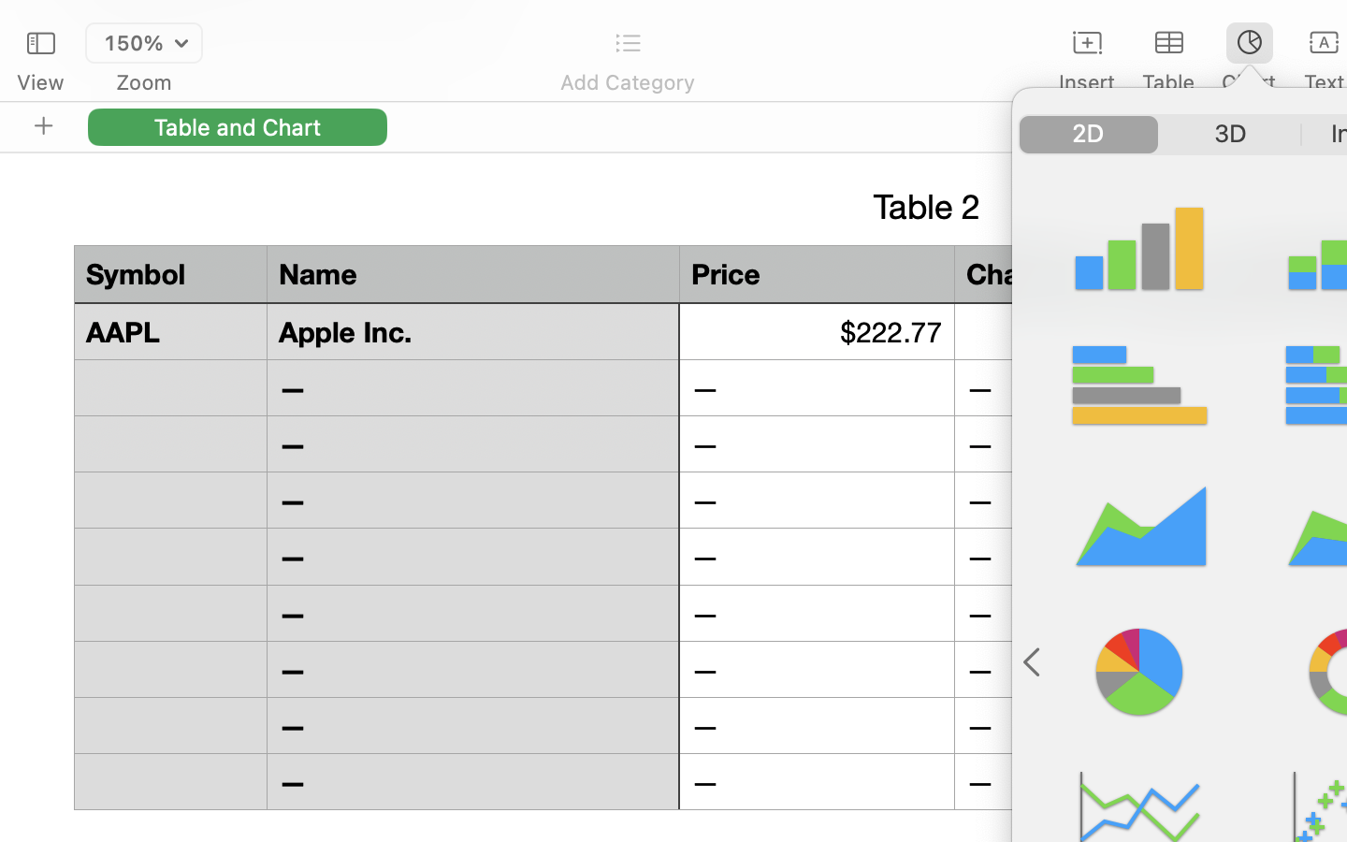 The width and height of the screenshot is (1347, 842). I want to click on 'Insert', so click(1086, 81).